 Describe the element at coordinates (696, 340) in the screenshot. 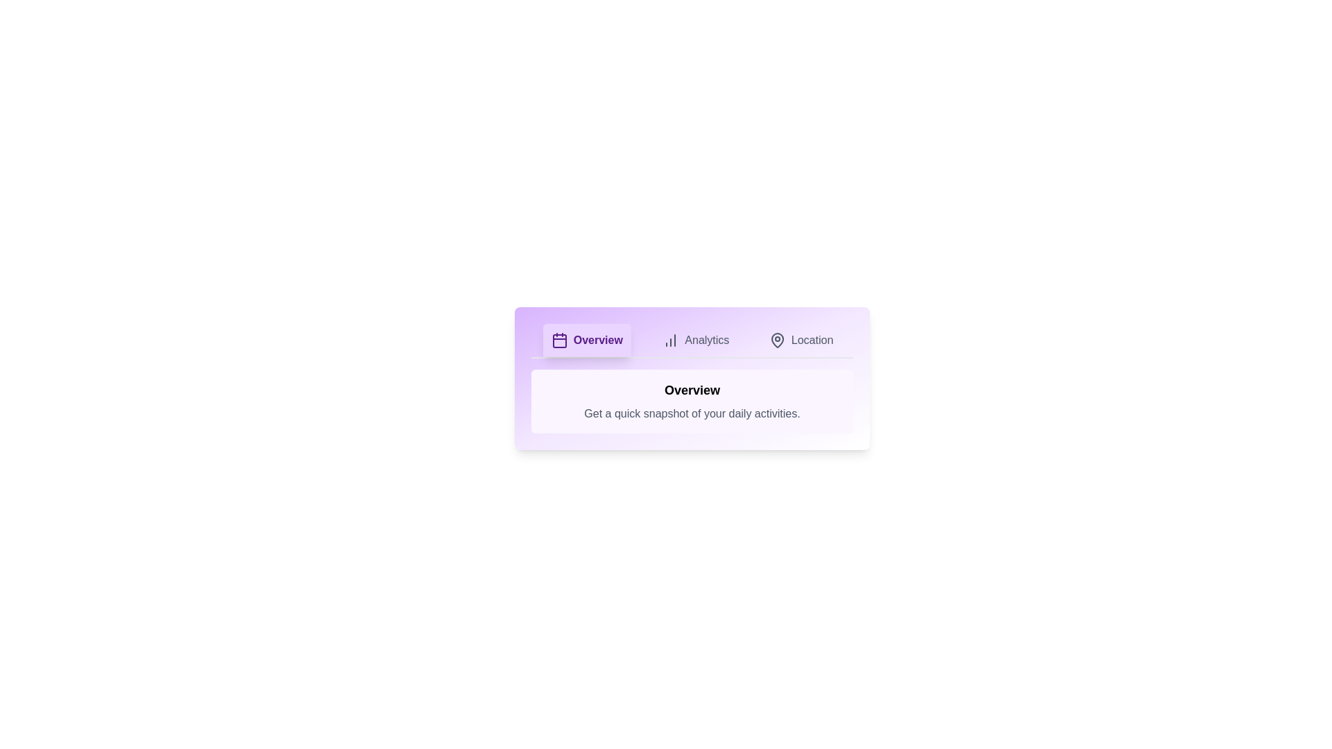

I see `the Analytics tab by clicking on its button` at that location.